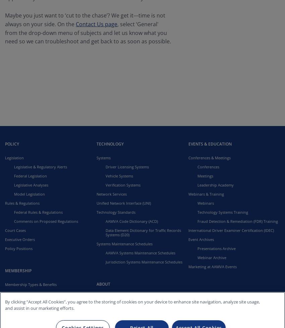 This screenshot has height=328, width=285. I want to click on 'Legislative & Regulatory Alerts', so click(40, 167).